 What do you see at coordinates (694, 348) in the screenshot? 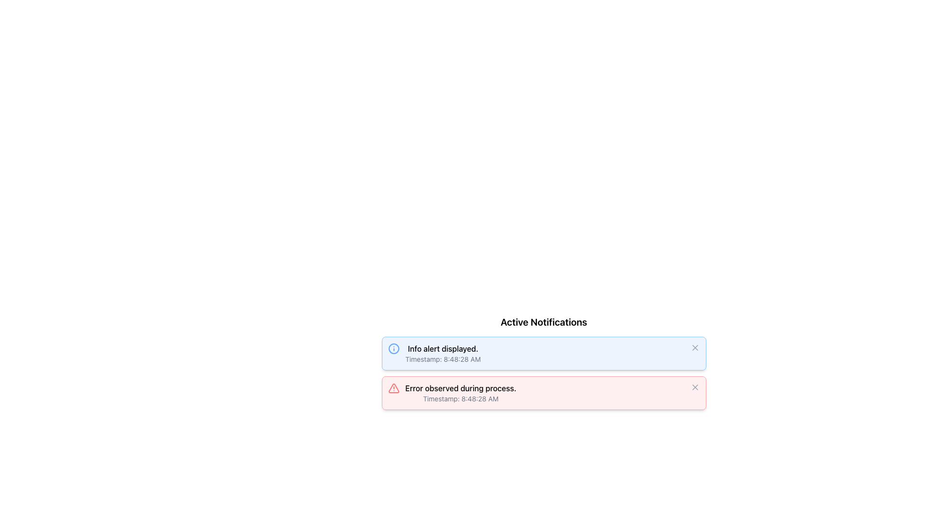
I see `the 'X' shaped icon in the top-right corner of the info alert notification box` at bounding box center [694, 348].